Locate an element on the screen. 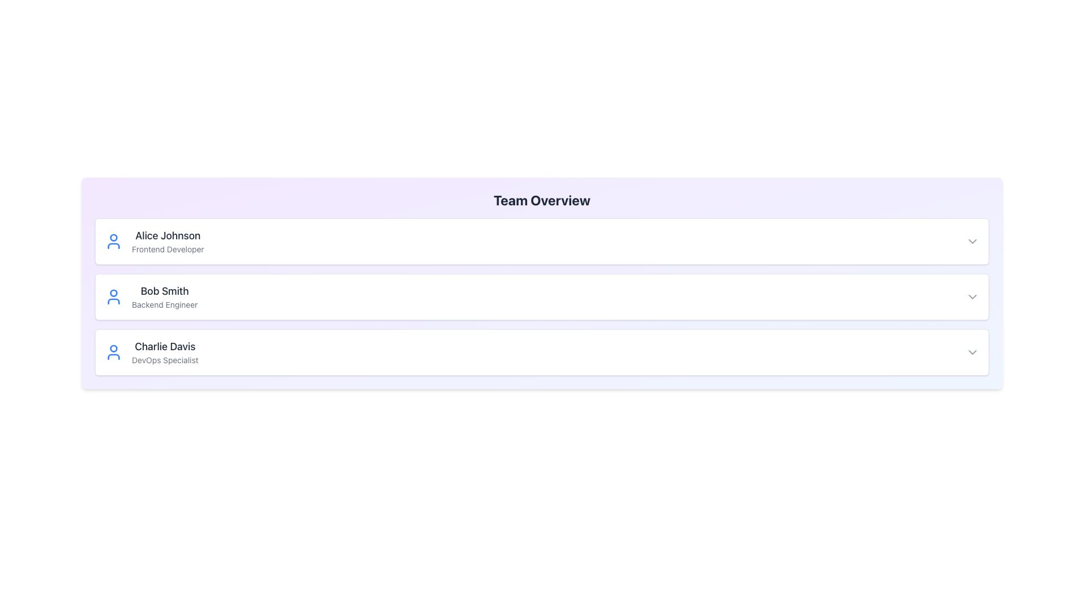 This screenshot has width=1087, height=611. the toggle button at the far right end of the horizontal bar associated with 'Bob Smith' is located at coordinates (972, 296).